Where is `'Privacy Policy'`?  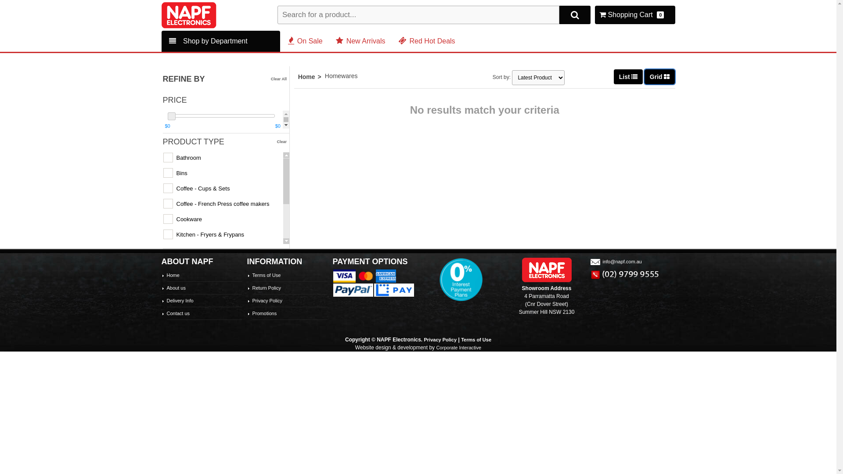
'Privacy Policy' is located at coordinates (252, 300).